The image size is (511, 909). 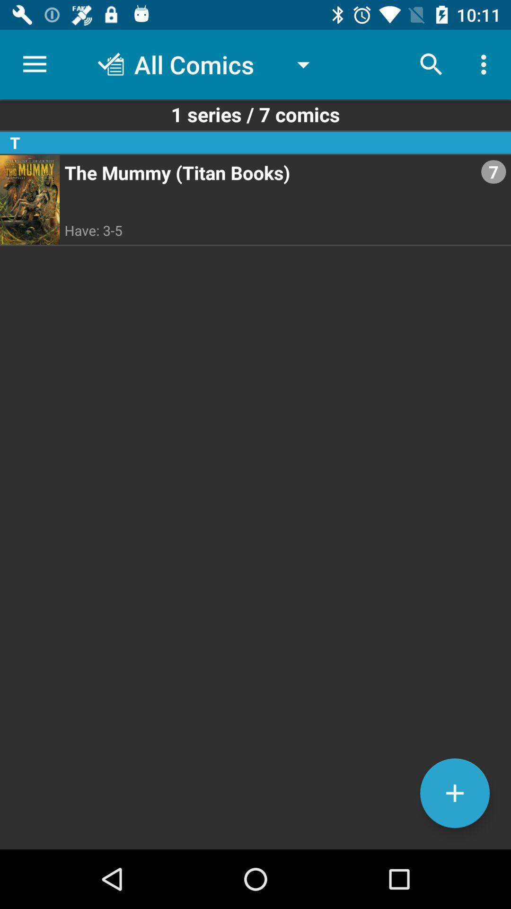 I want to click on icon above the 1 series 7 item, so click(x=431, y=64).